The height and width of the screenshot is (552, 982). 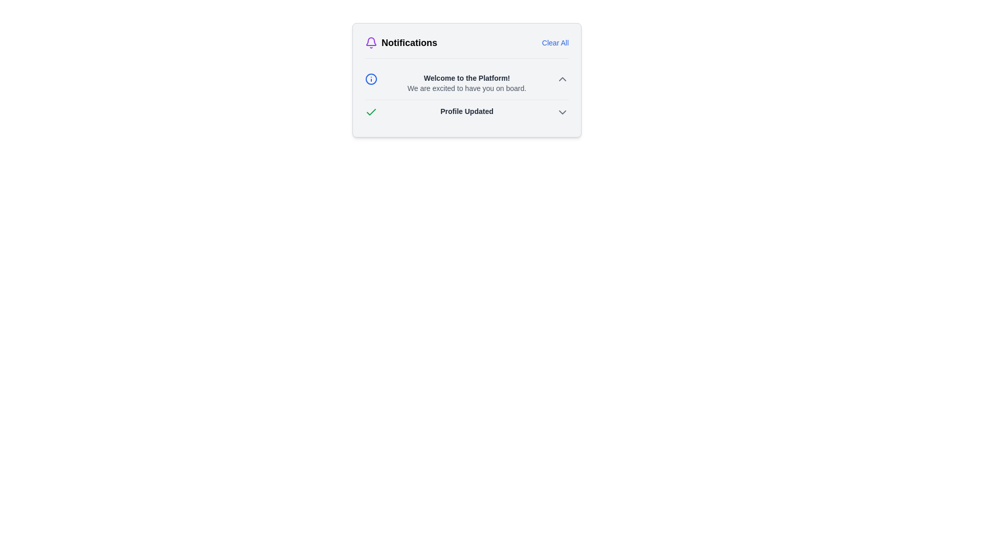 What do you see at coordinates (466, 82) in the screenshot?
I see `the Notification Header with Supportive Text that includes the title 'Welcome to the Platform!' and a blue information icon` at bounding box center [466, 82].